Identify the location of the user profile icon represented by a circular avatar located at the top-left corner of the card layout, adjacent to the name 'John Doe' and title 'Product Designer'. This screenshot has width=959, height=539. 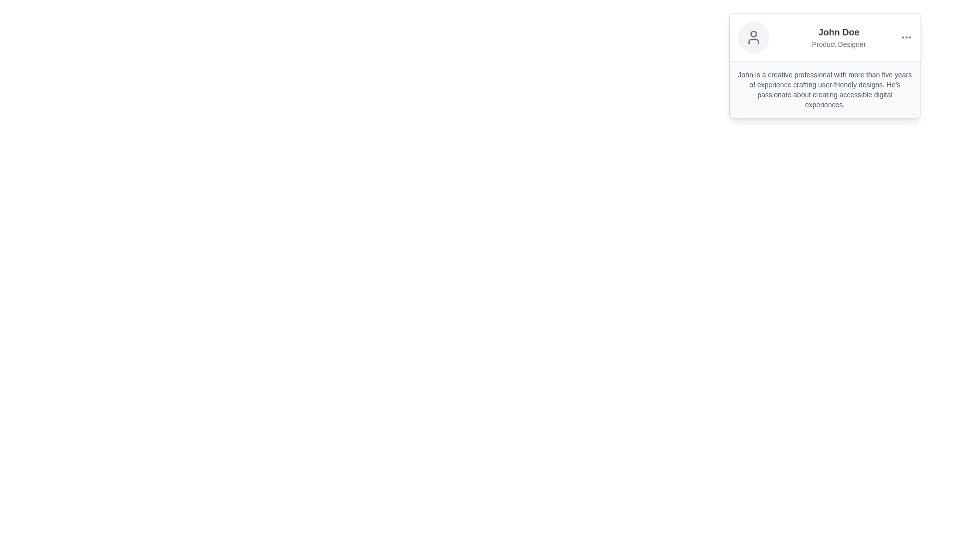
(753, 36).